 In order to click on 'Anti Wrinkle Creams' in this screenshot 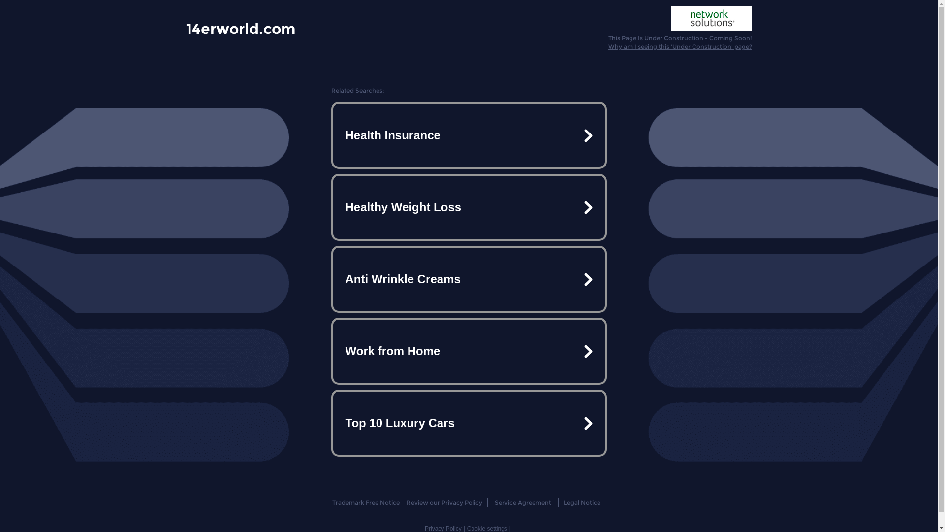, I will do `click(468, 279)`.